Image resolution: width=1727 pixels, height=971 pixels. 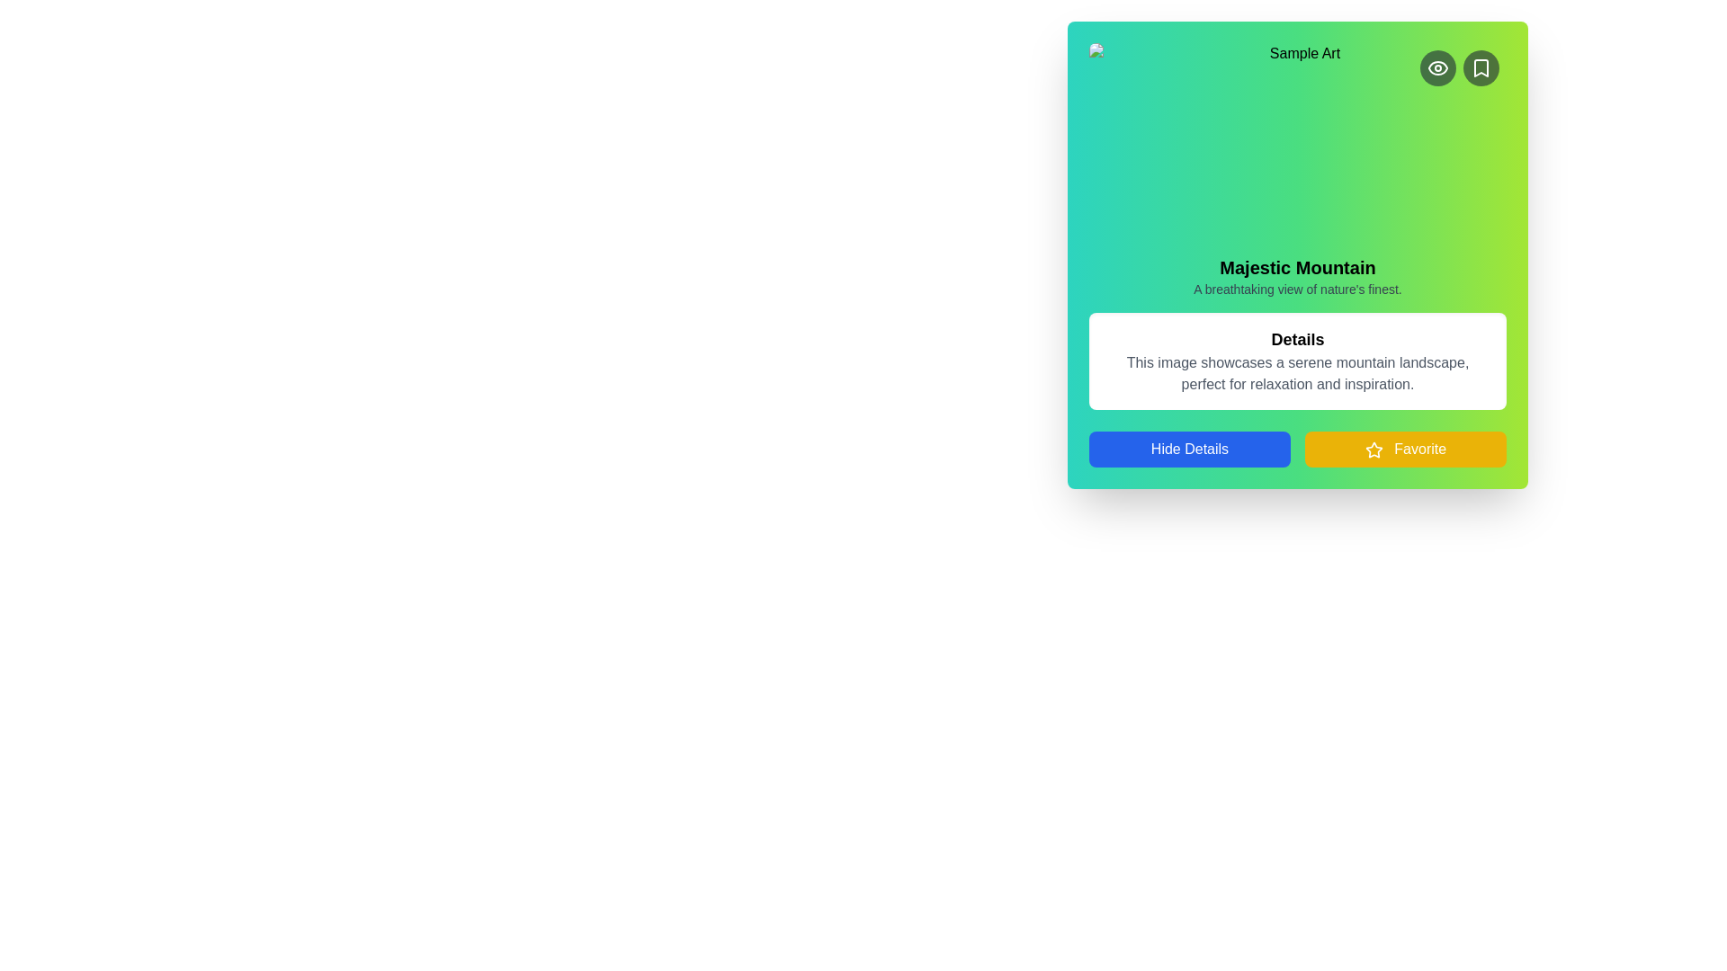 I want to click on the 'Hide Details' button with a blue background and white text to hide the details, so click(x=1190, y=449).